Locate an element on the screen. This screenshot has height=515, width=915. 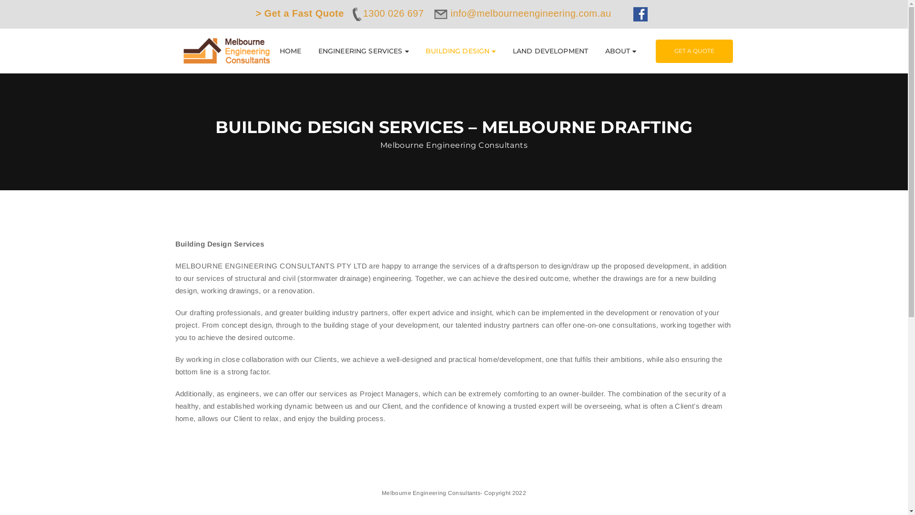
'ABOUT' is located at coordinates (620, 51).